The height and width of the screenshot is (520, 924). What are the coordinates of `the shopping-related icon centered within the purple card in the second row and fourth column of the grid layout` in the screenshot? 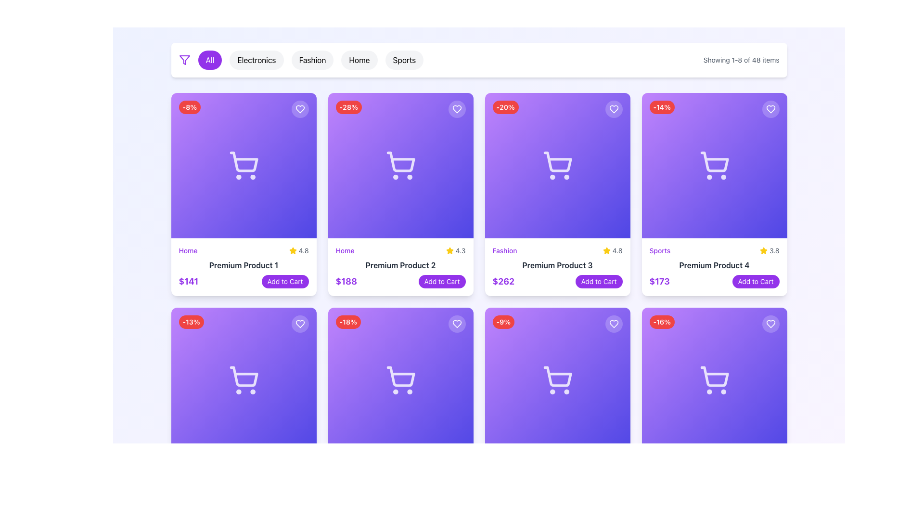 It's located at (714, 165).